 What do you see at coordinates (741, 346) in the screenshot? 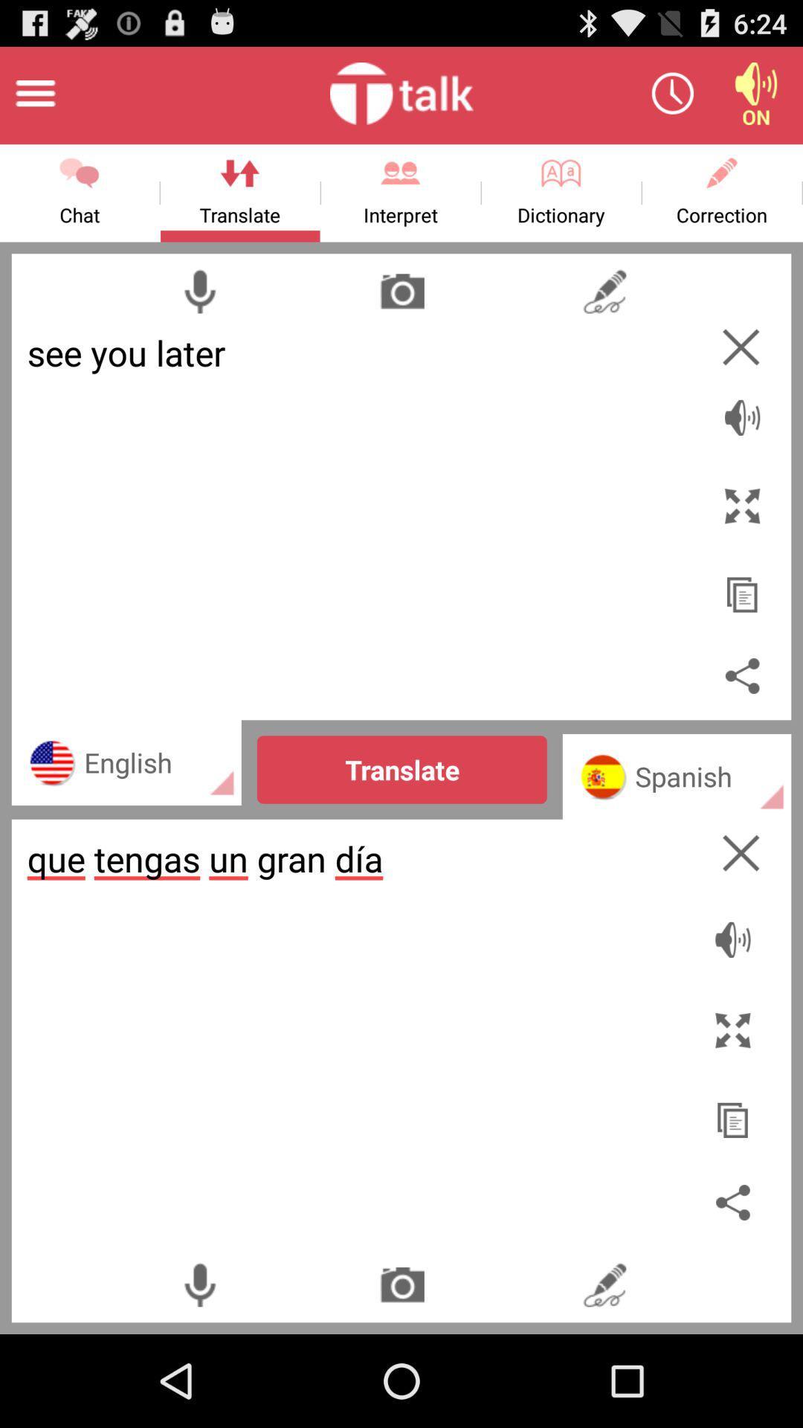
I see `clear` at bounding box center [741, 346].